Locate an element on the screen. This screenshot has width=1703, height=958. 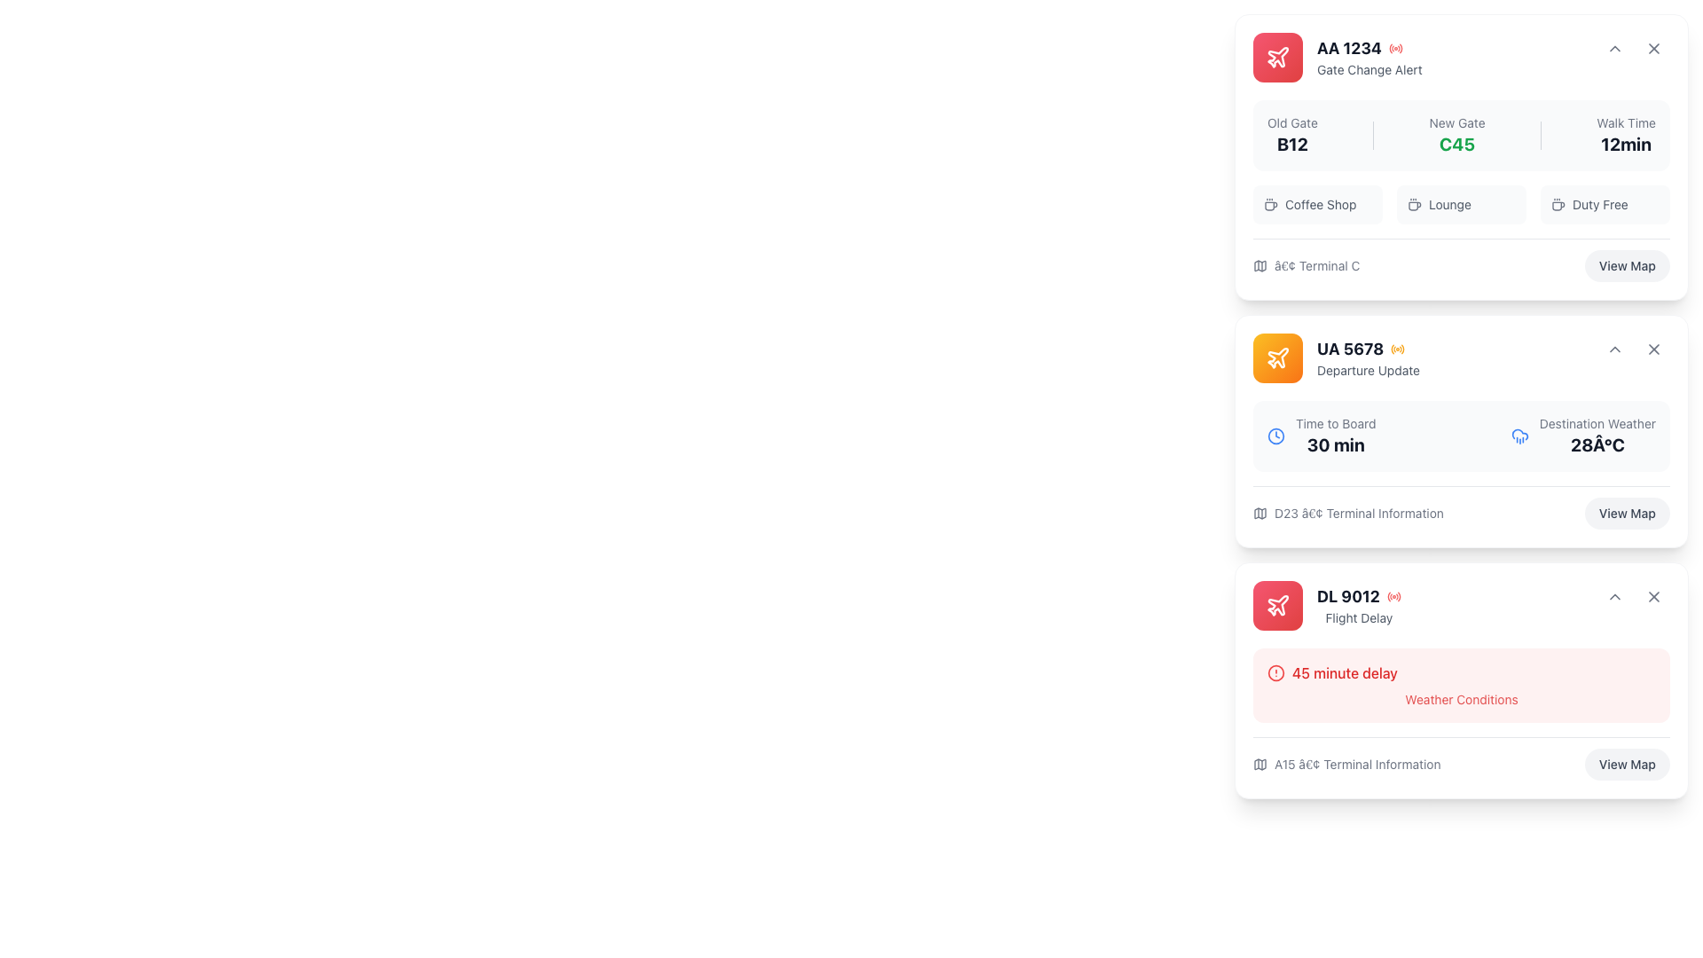
the informational panel titled 'AA 1234 Gate Change Alert' is located at coordinates (1461, 191).